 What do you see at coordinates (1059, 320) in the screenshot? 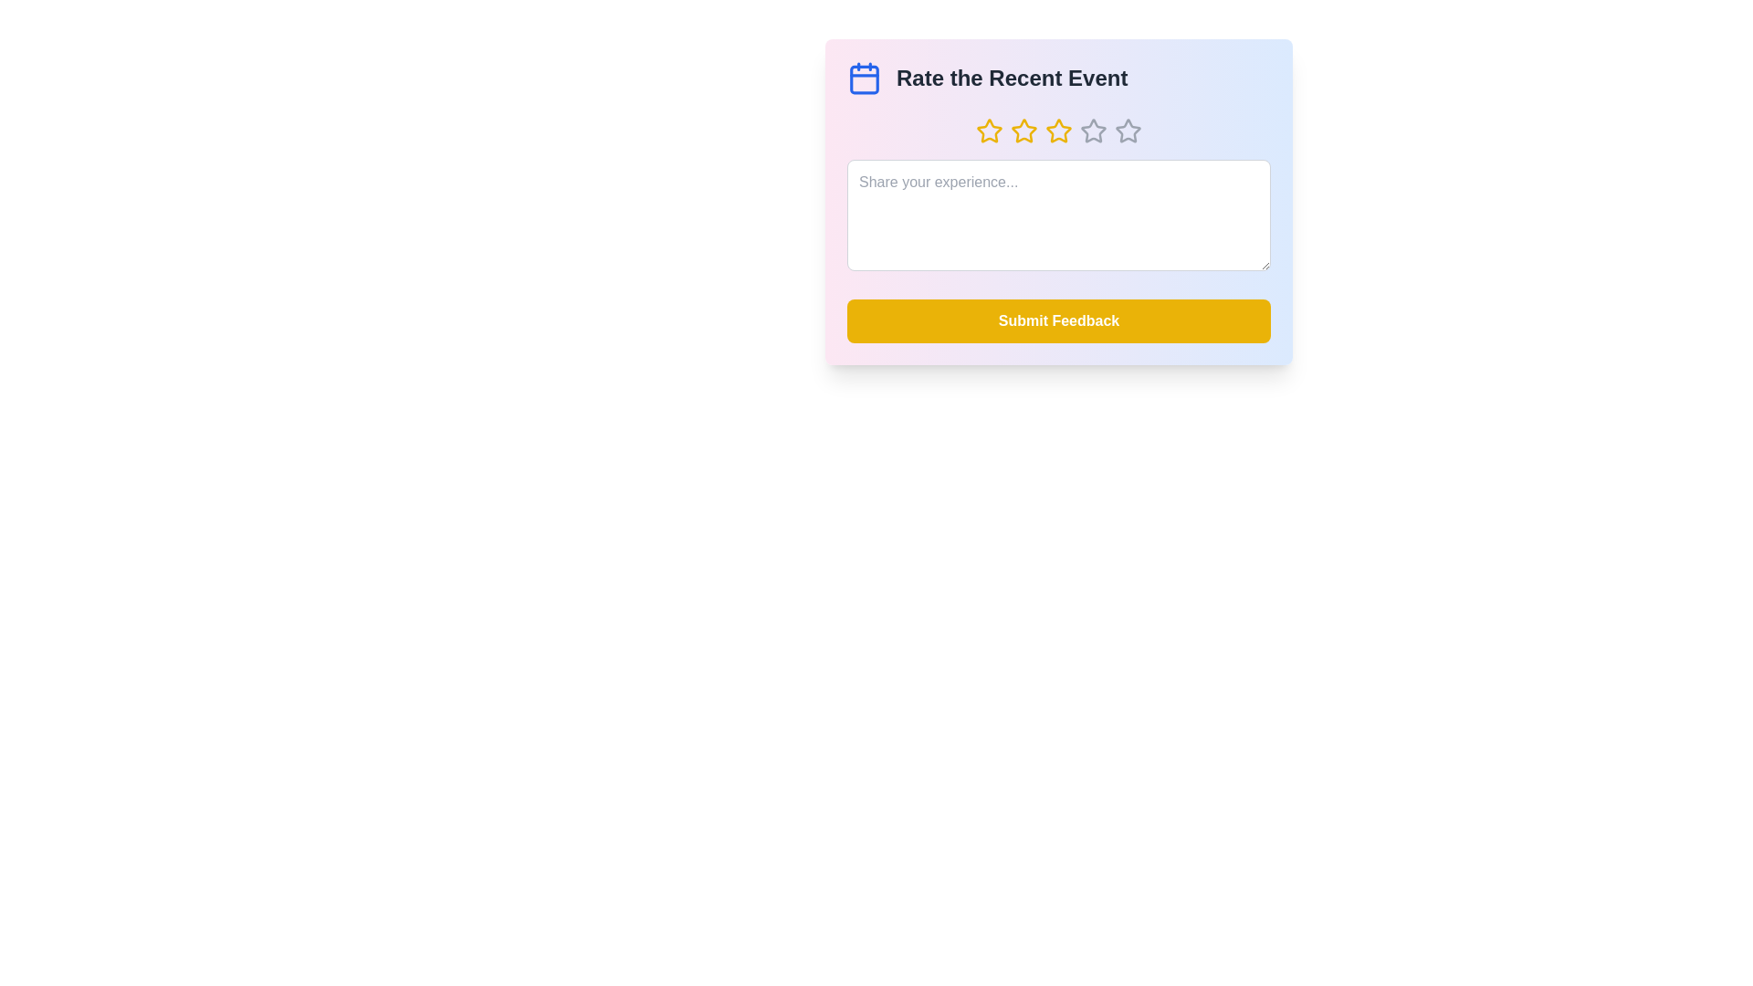
I see `the 'Submit Feedback' button to submit the feedback` at bounding box center [1059, 320].